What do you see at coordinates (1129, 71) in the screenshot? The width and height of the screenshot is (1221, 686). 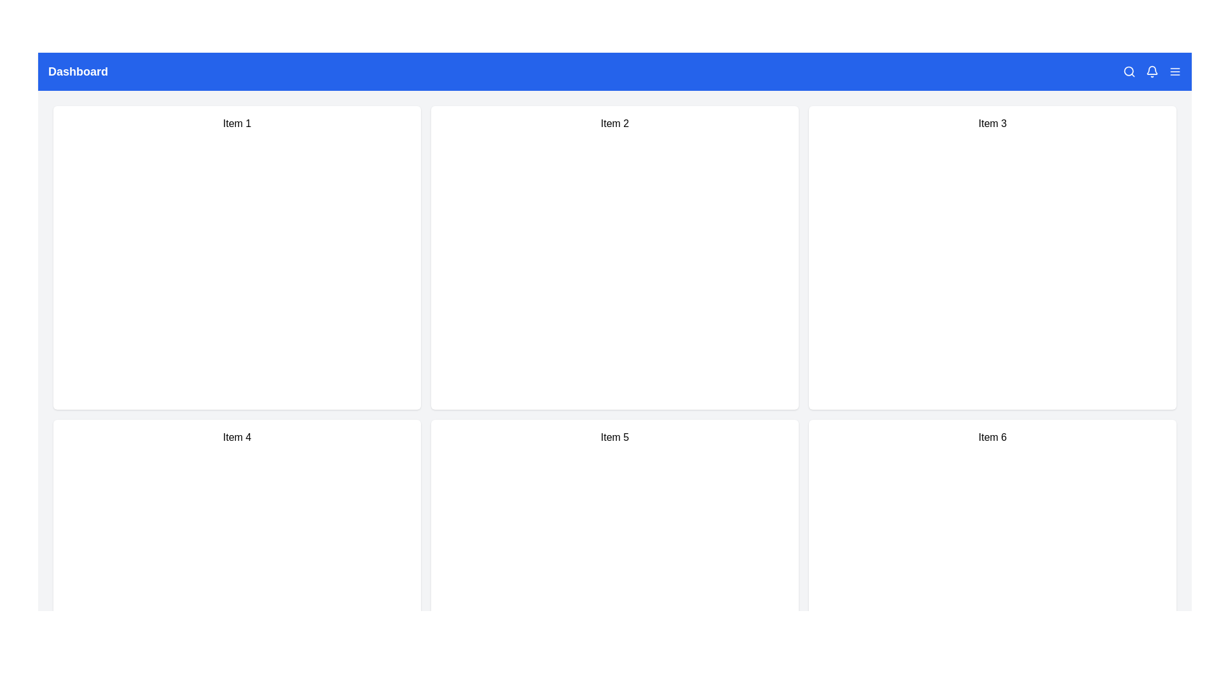 I see `the SVG circle that is part of the search icon located in the top-right corner of the navigation bar` at bounding box center [1129, 71].